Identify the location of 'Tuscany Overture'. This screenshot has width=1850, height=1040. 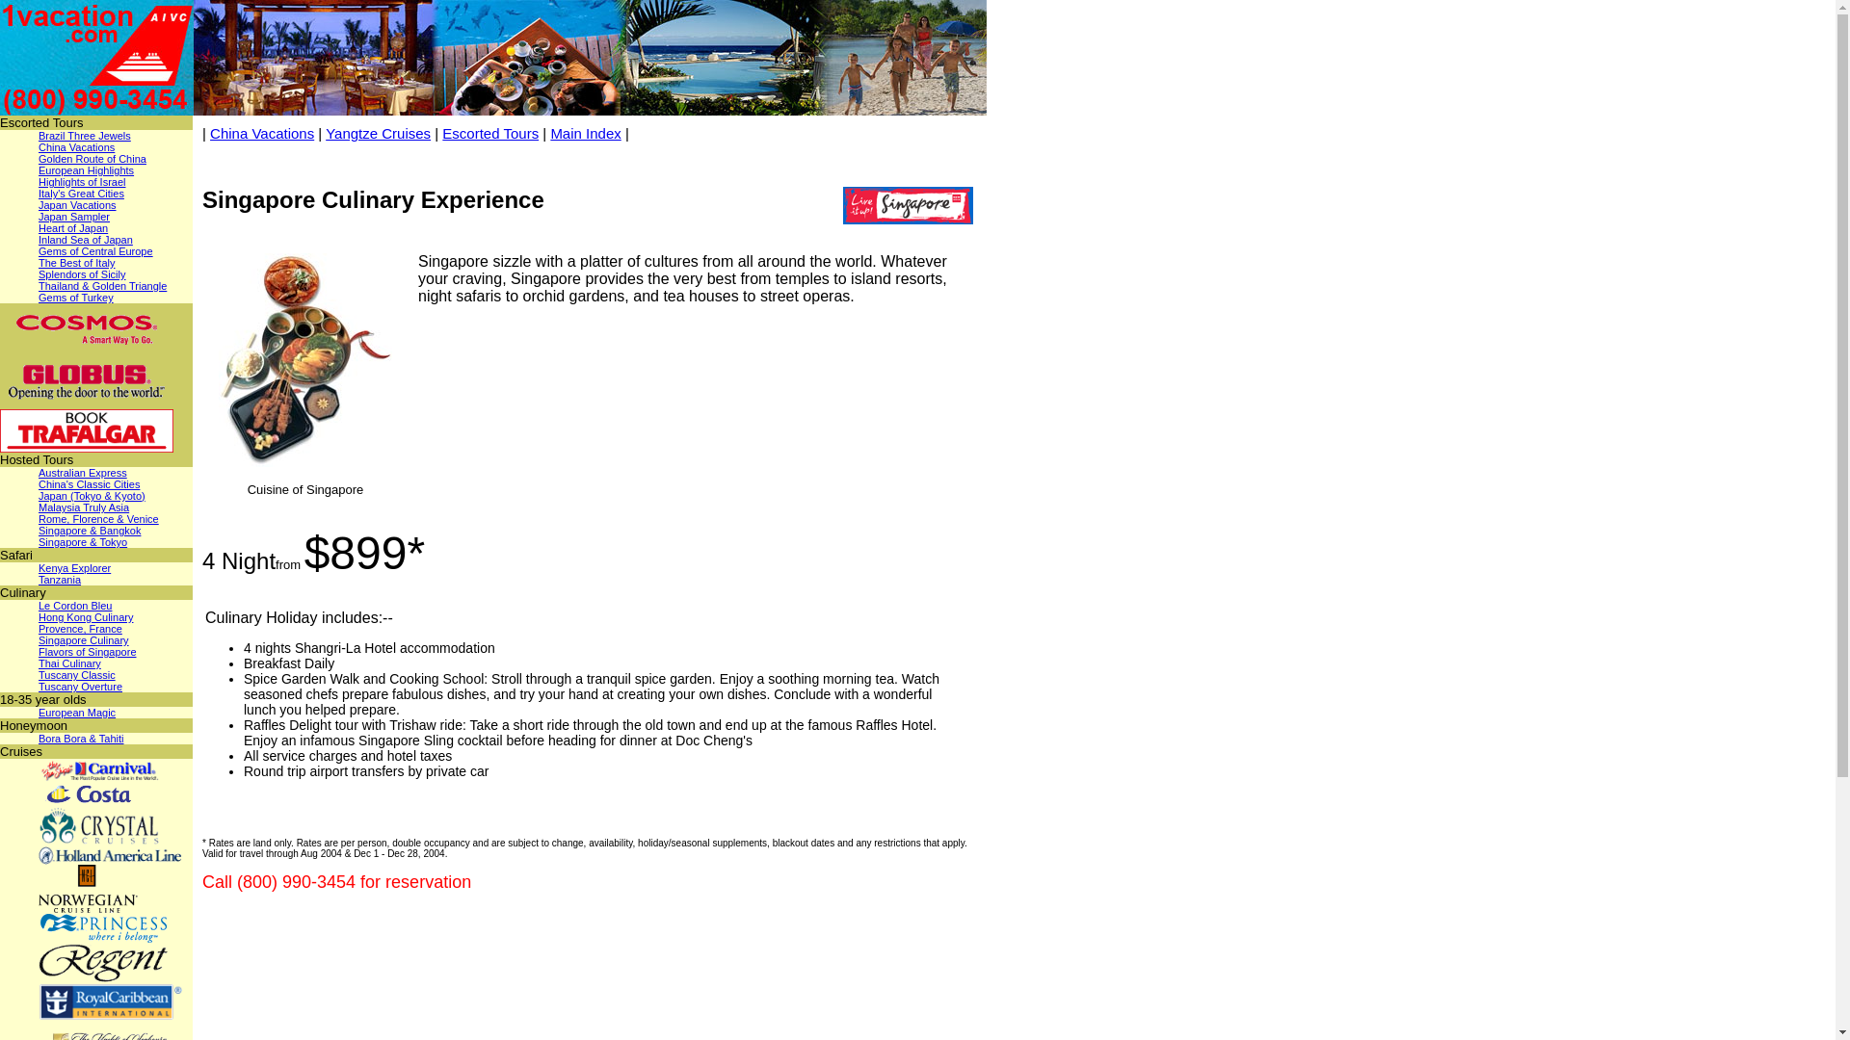
(38, 686).